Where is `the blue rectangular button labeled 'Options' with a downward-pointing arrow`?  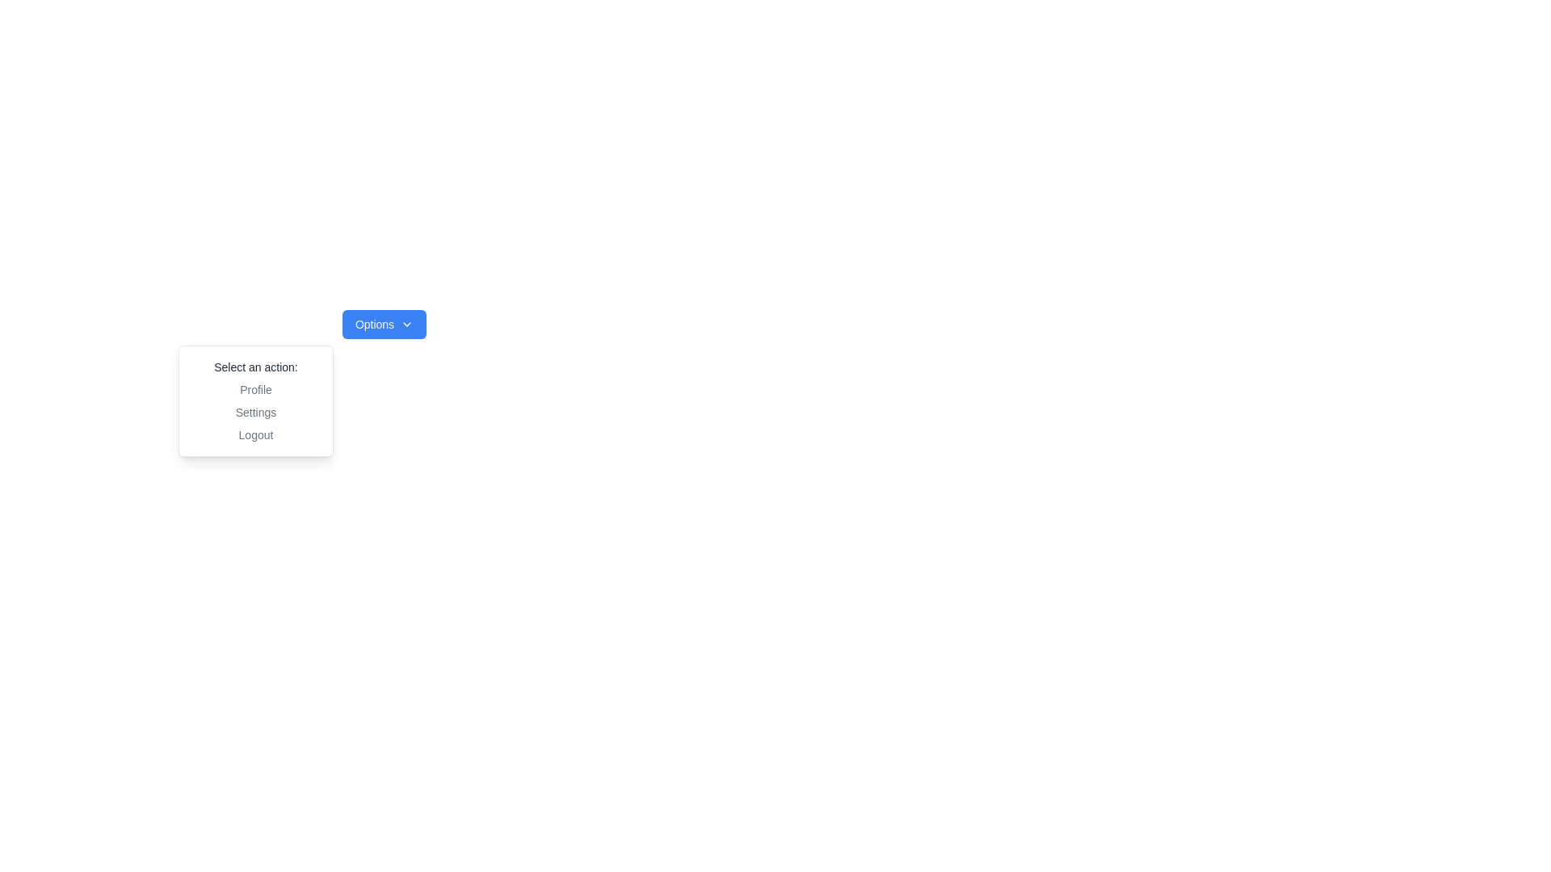 the blue rectangular button labeled 'Options' with a downward-pointing arrow is located at coordinates (383, 324).